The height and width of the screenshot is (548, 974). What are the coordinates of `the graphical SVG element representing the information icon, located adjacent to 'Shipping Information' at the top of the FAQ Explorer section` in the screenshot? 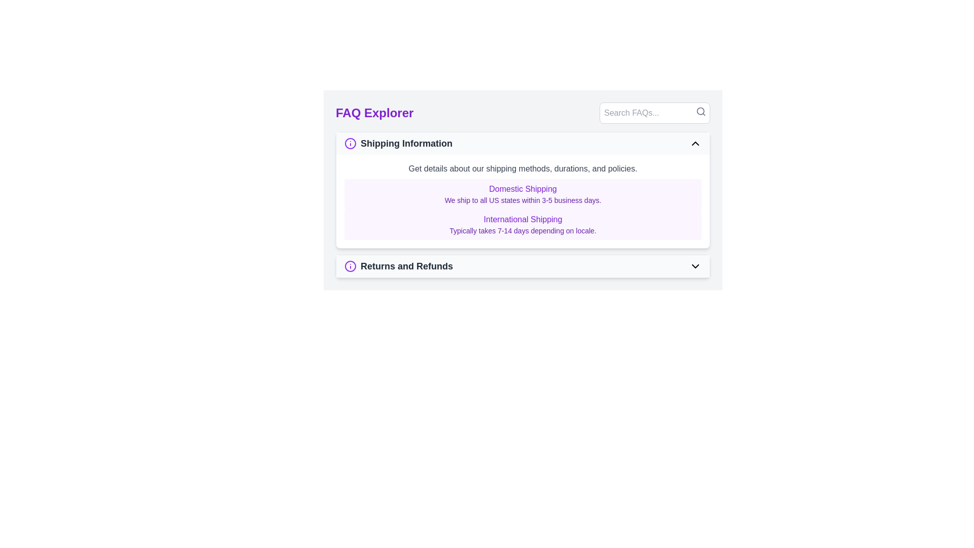 It's located at (351, 265).